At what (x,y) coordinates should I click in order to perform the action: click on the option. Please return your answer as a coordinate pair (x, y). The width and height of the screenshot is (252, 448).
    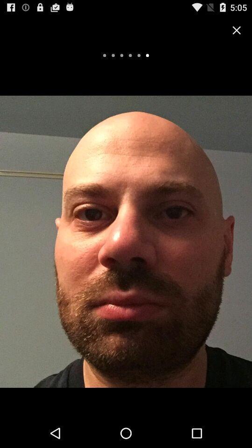
    Looking at the image, I should click on (237, 30).